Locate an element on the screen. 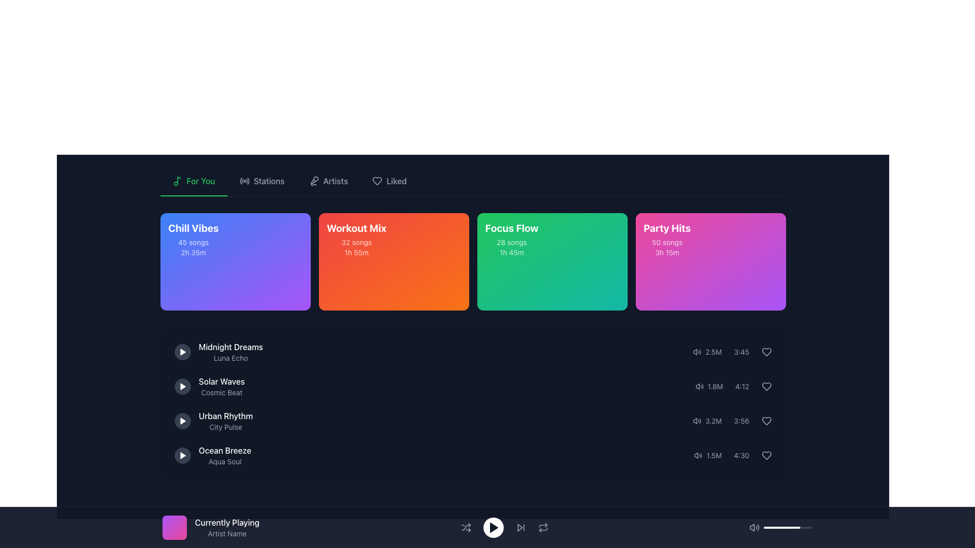 Image resolution: width=975 pixels, height=548 pixels. displayed information from the gray-colored text label '3:56' in the music playlist interface, which is styled in a minimalist sans-serif font and positioned alongside other metadata is located at coordinates (741, 421).